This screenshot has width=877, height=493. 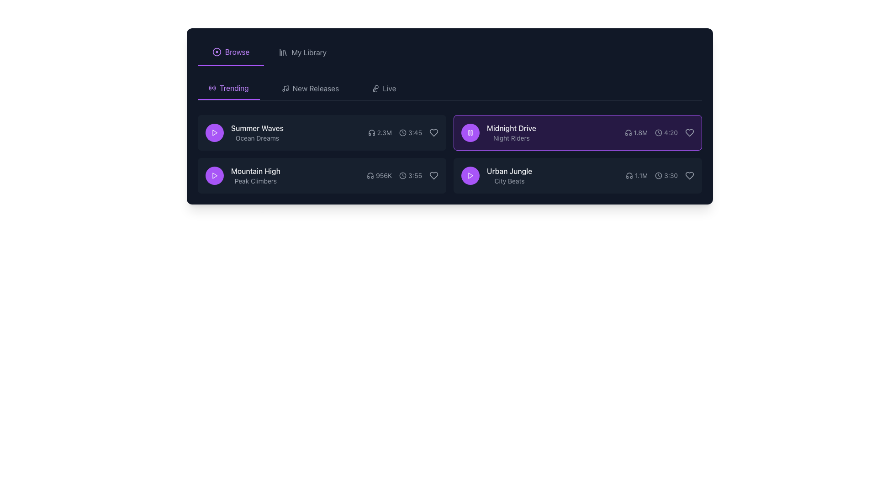 I want to click on the rectangle representing the pause button in the SVG graphic element of the user interface, so click(x=471, y=132).